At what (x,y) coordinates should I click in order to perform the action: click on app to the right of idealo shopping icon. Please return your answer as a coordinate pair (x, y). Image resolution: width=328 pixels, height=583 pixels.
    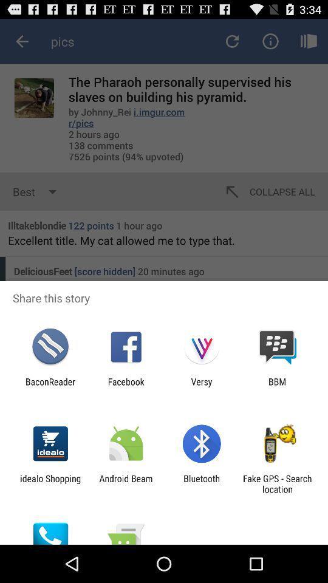
    Looking at the image, I should click on (125, 483).